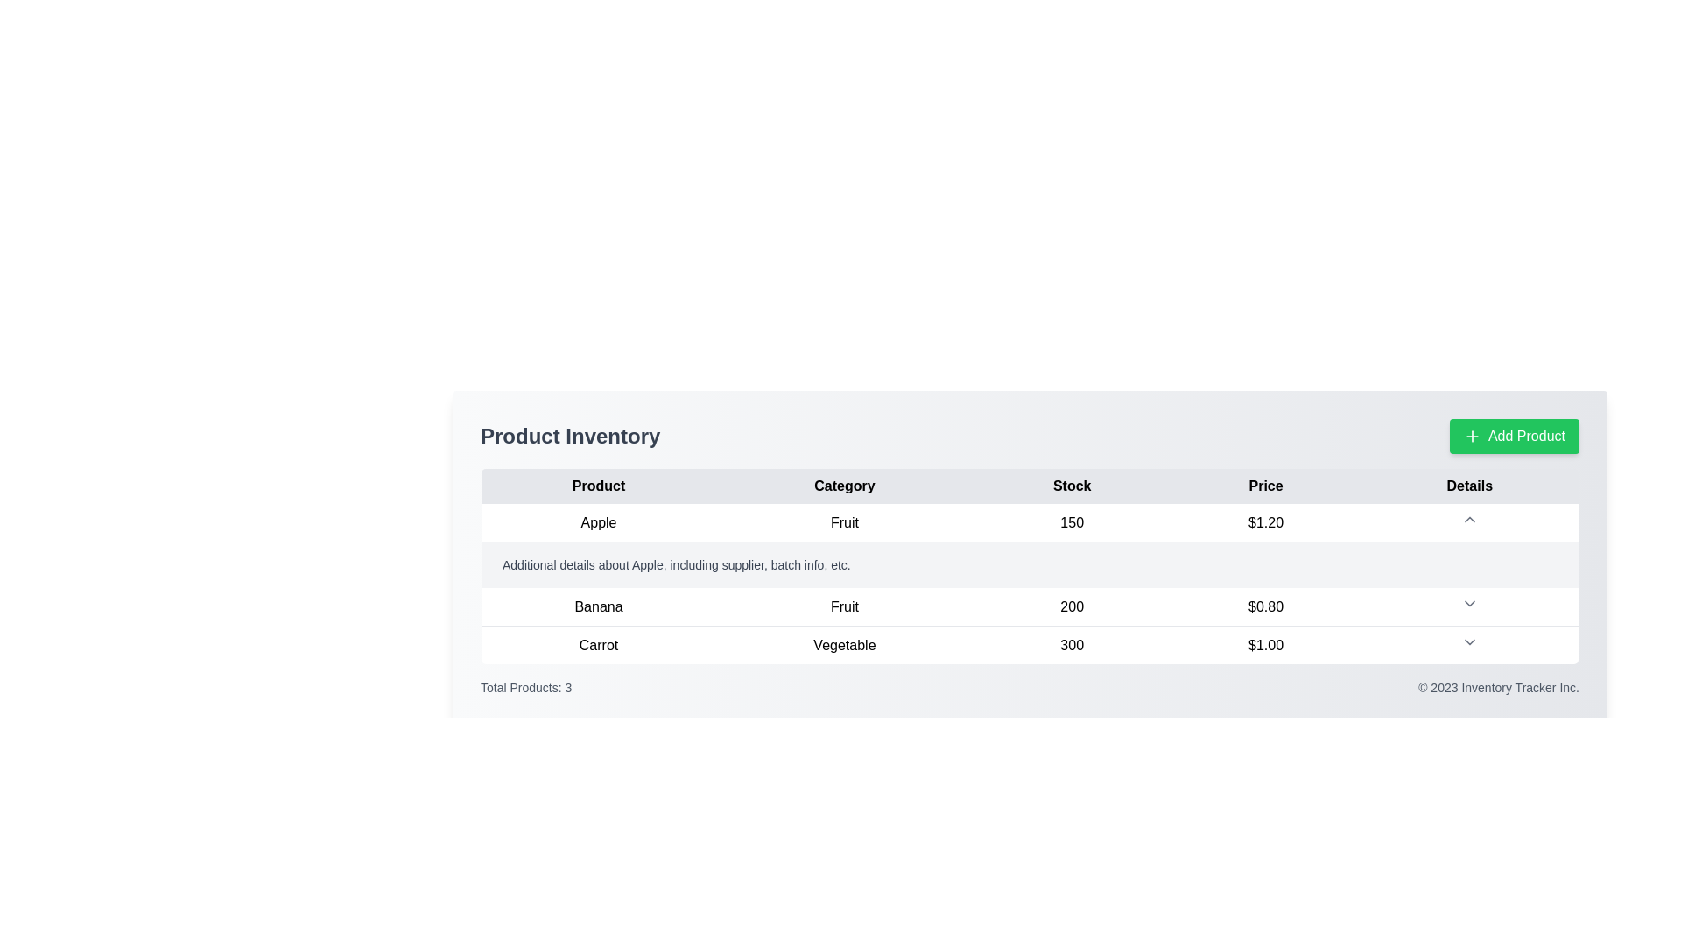 The height and width of the screenshot is (945, 1681). Describe the element at coordinates (1071, 605) in the screenshot. I see `the text label displaying the stock quantity '200' for the 'Banana' product, located in the 'Stock' column of the inventory table` at that location.